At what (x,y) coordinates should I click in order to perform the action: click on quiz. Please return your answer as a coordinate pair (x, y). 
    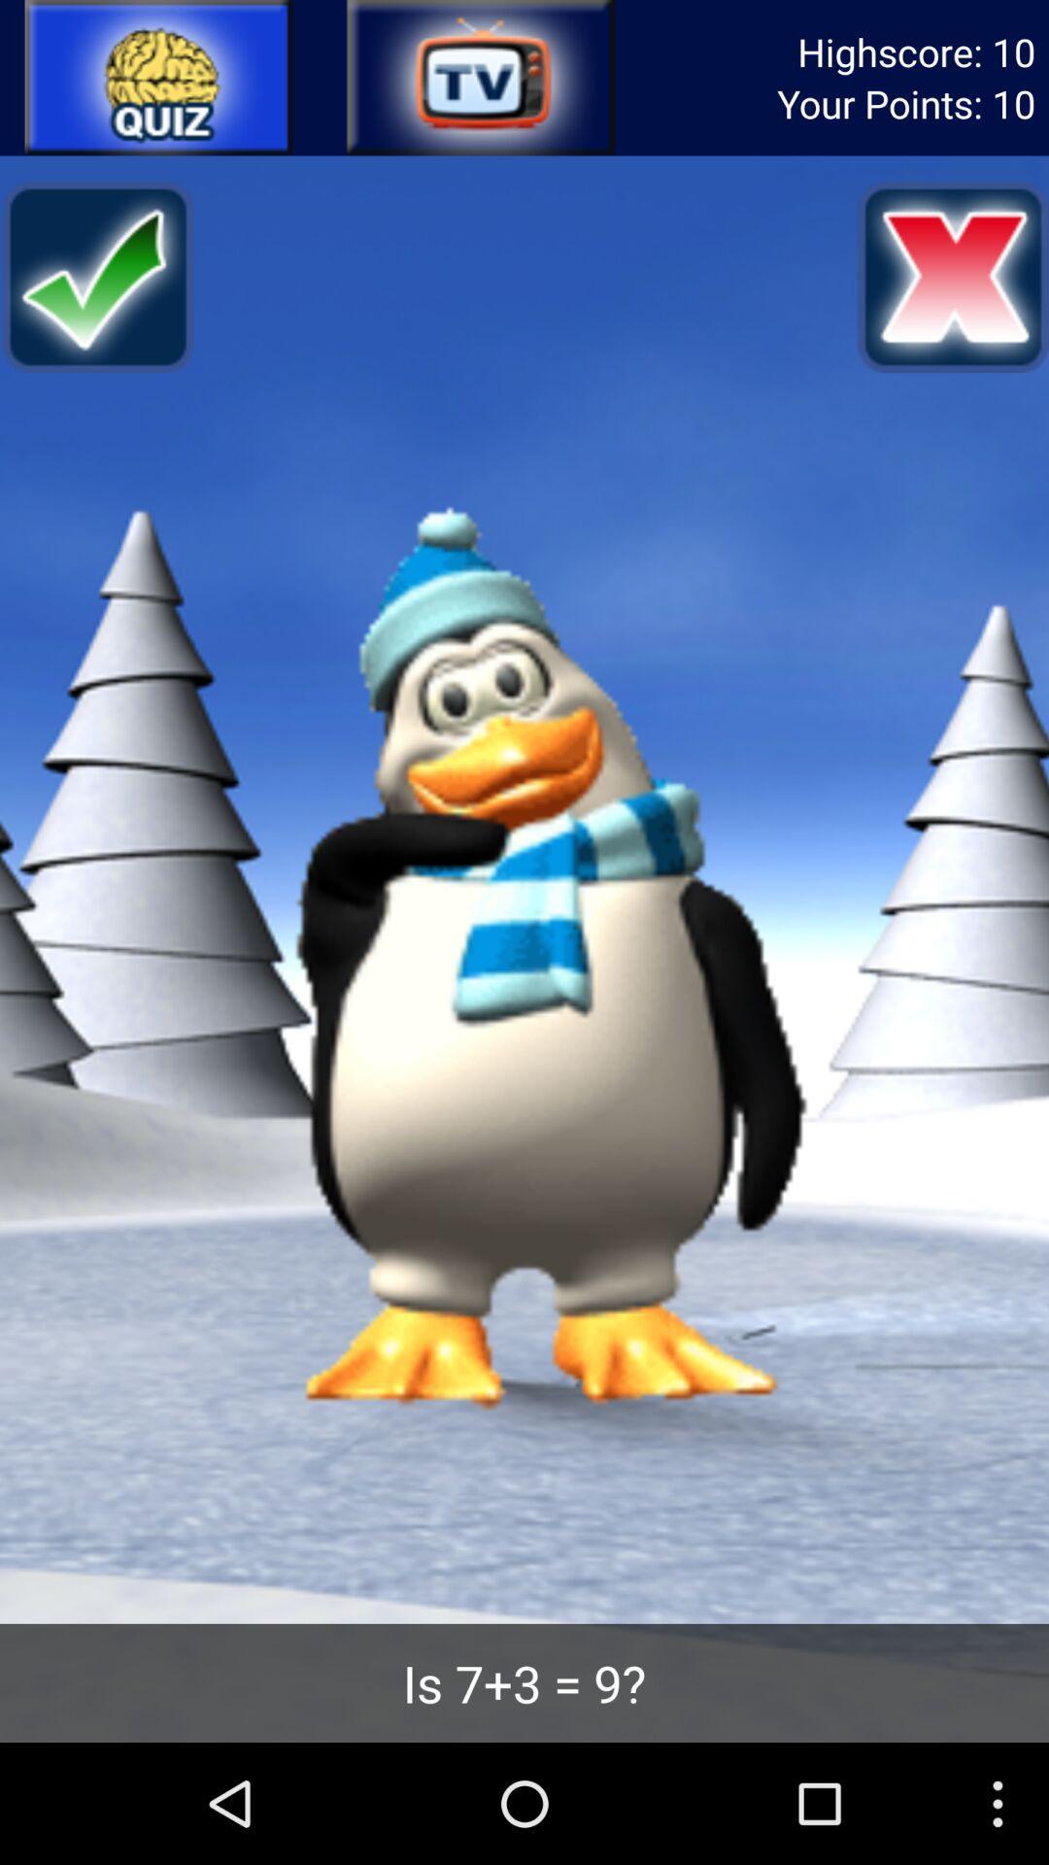
    Looking at the image, I should click on (158, 78).